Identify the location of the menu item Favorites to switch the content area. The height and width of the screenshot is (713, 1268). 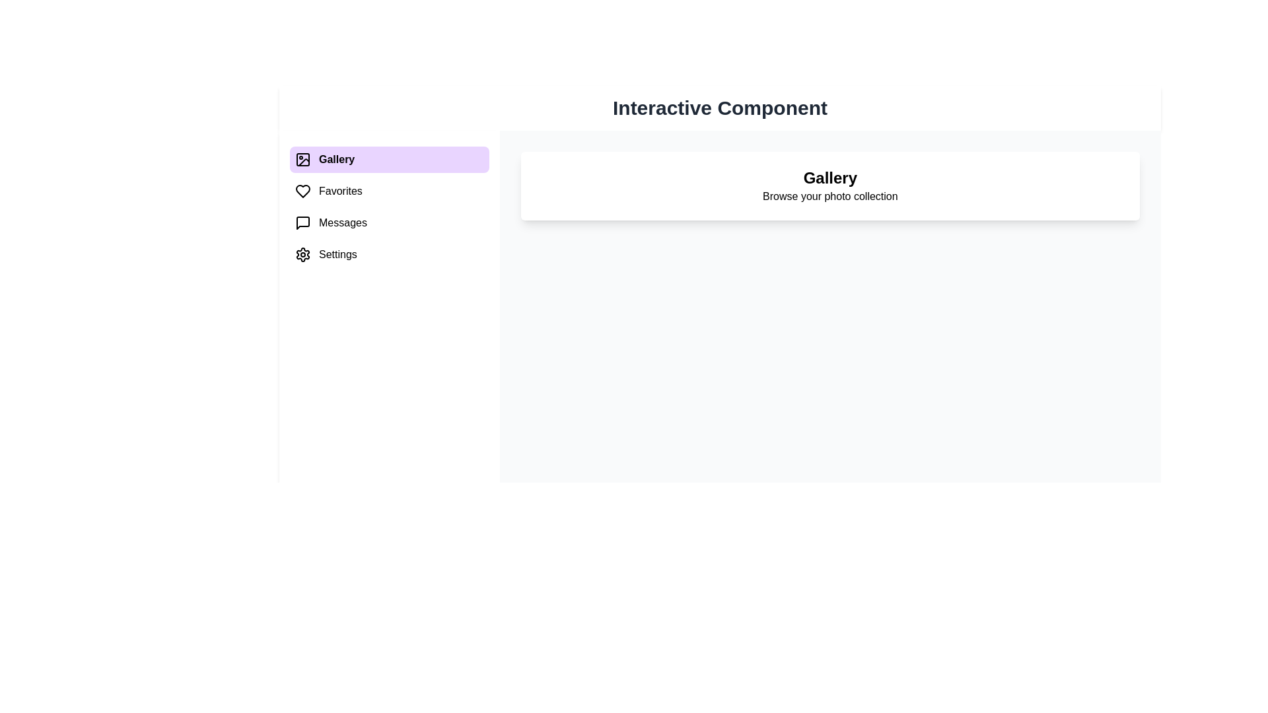
(388, 191).